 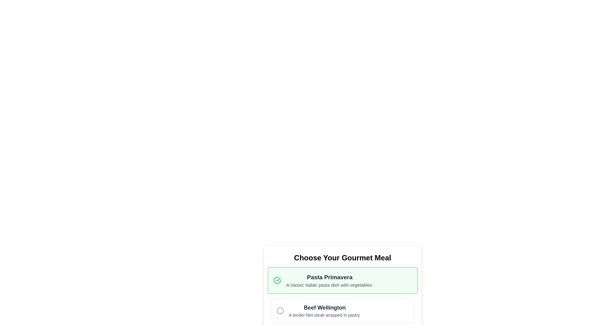 I want to click on the text label that is styled with a smaller gray font and located directly beneath the bolded title 'Beef Wellington' in the menu options list, so click(x=324, y=315).